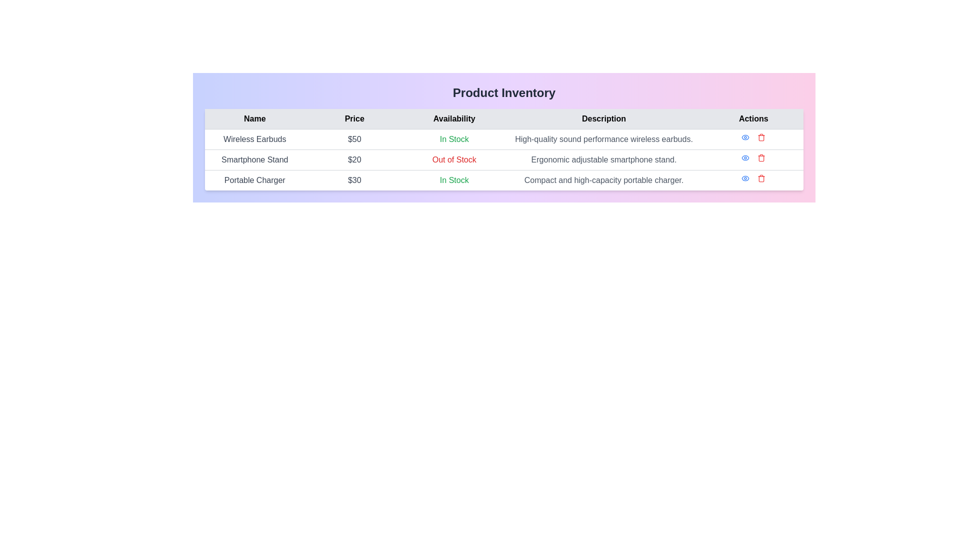  What do you see at coordinates (504, 180) in the screenshot?
I see `the third row of the structured data table that provides details about the 'Portable Charger' product` at bounding box center [504, 180].